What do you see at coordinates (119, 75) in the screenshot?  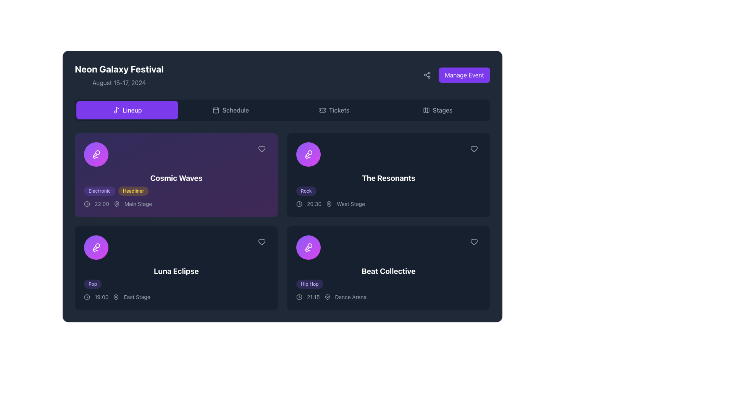 I see `the text block displaying 'Neon Galaxy Festival' and 'August 15-17, 2024', located in the upper left corner of the UI` at bounding box center [119, 75].